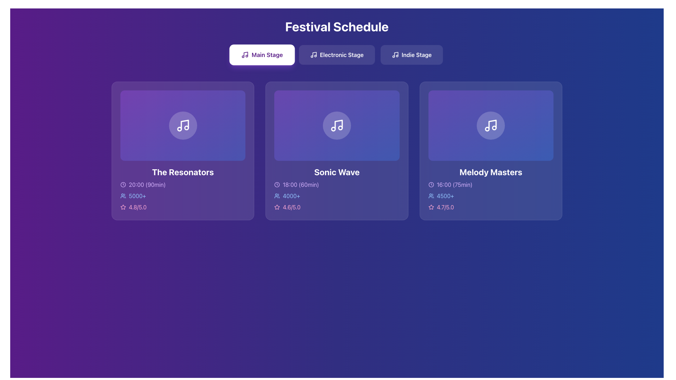 The image size is (676, 380). I want to click on time details displayed in the text element showing '18:00 (60min)', which is styled in light purple and located in the central card under the heading 'Sonic Wave', so click(301, 184).